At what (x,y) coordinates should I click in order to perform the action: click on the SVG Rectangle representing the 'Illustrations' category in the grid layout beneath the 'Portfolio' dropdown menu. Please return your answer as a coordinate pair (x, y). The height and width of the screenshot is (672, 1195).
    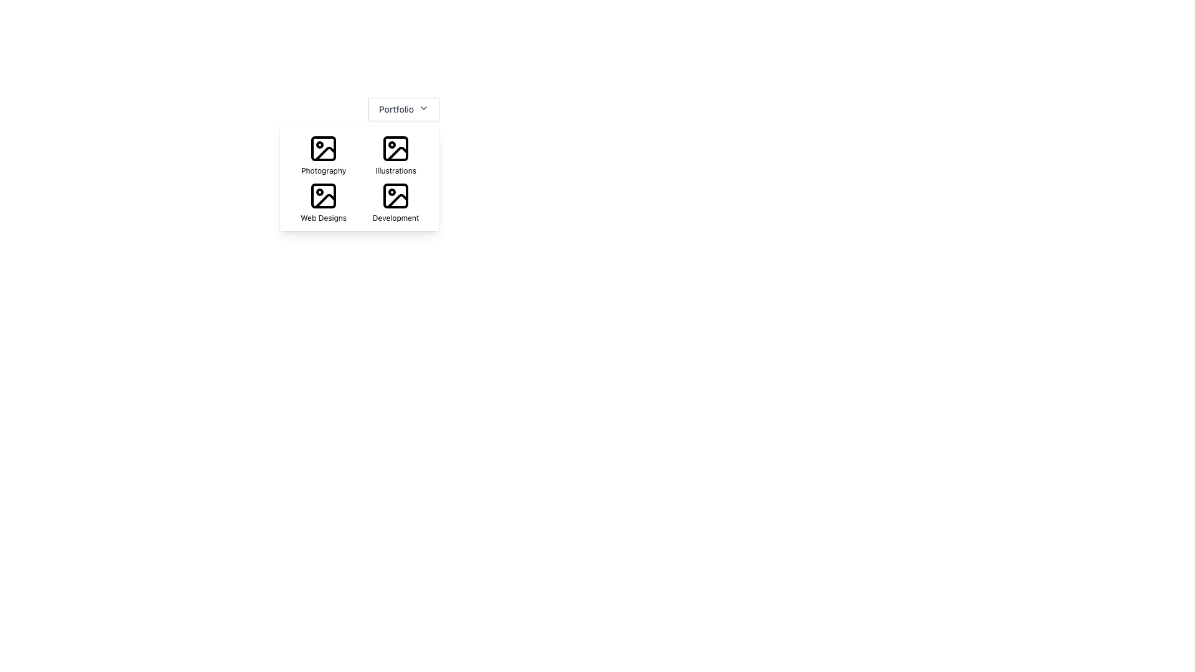
    Looking at the image, I should click on (395, 148).